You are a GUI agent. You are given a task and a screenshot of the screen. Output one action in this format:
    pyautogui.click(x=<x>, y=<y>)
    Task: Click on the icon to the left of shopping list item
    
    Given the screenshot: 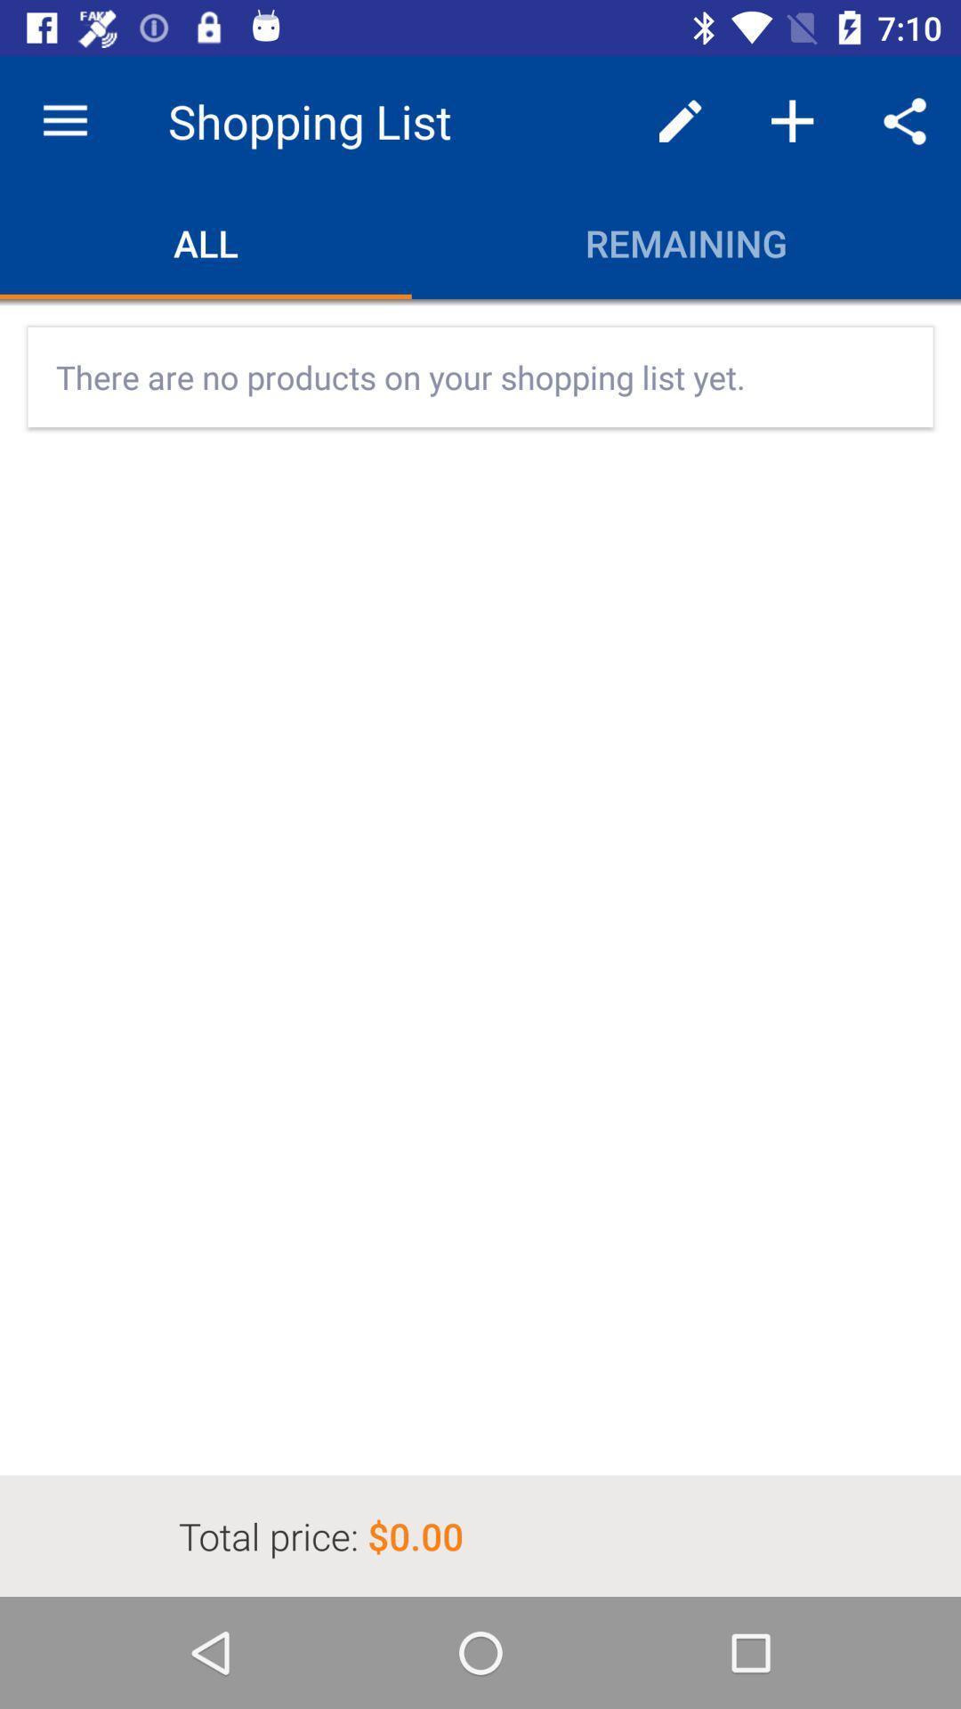 What is the action you would take?
    pyautogui.click(x=64, y=120)
    